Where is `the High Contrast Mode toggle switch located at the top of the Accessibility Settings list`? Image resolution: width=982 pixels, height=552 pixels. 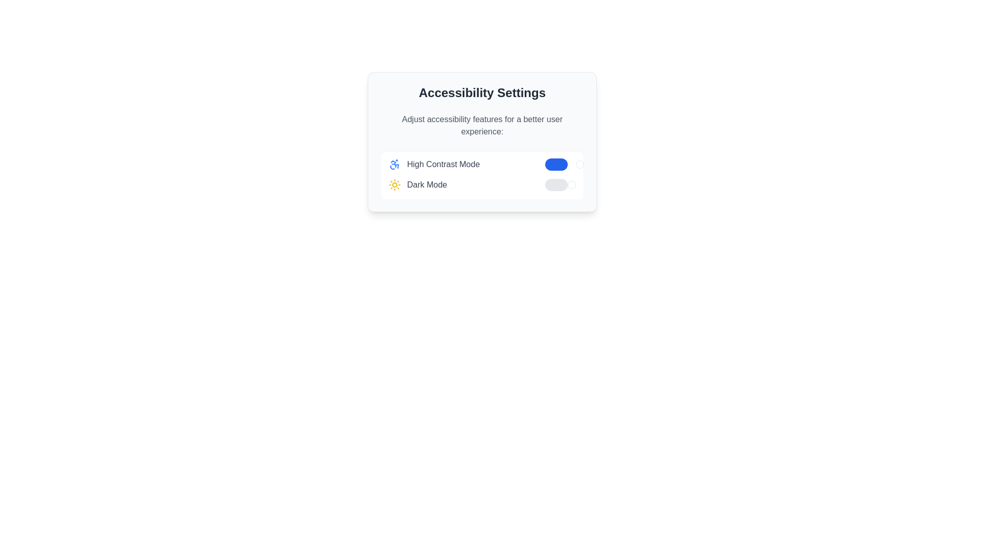 the High Contrast Mode toggle switch located at the top of the Accessibility Settings list is located at coordinates (481, 164).